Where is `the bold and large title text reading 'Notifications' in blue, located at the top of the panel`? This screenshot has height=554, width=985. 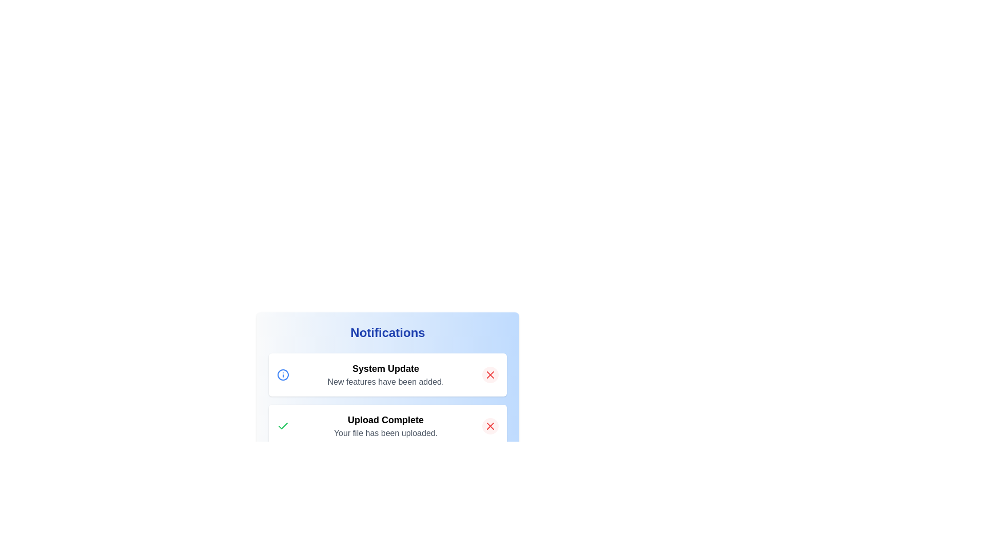
the bold and large title text reading 'Notifications' in blue, located at the top of the panel is located at coordinates (387, 332).